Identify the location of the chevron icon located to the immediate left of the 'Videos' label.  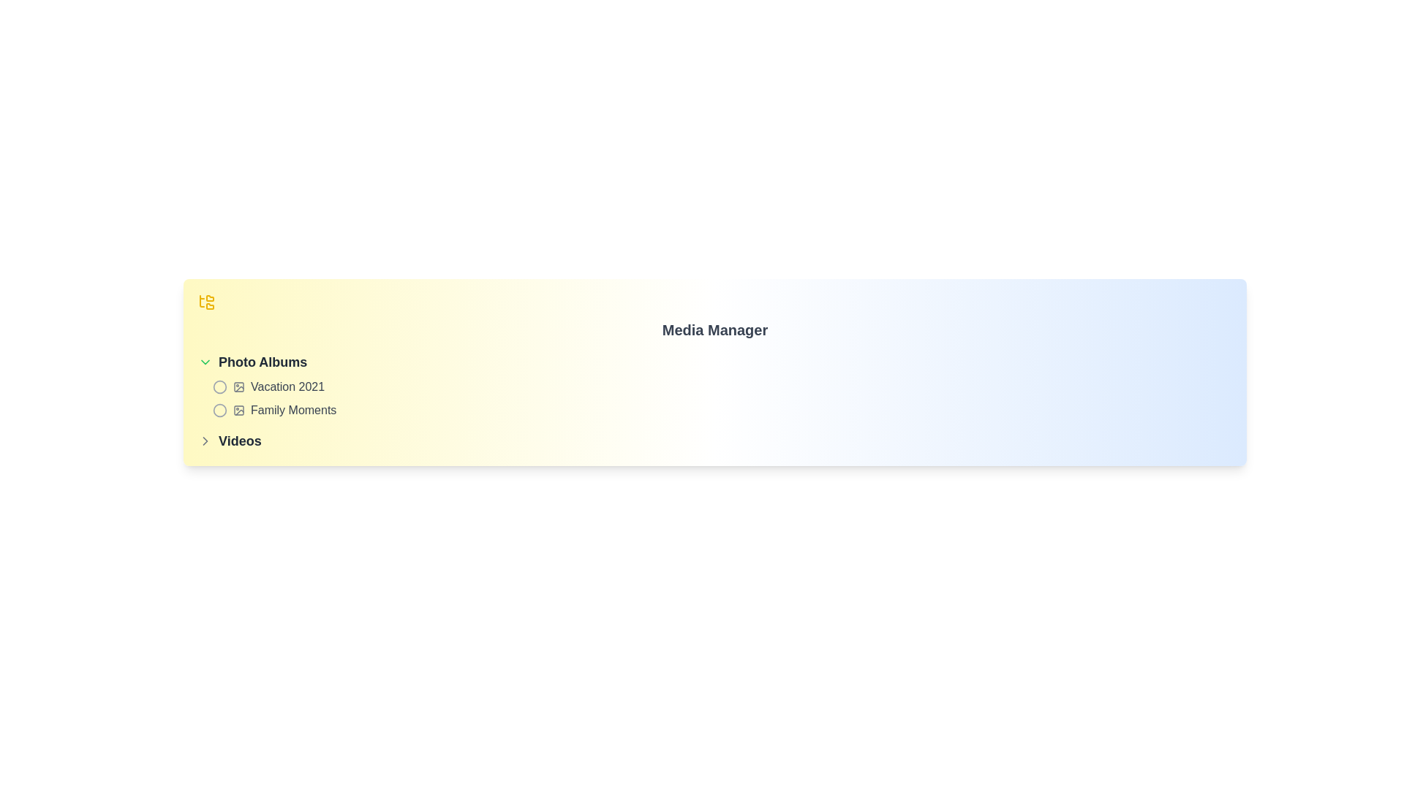
(205, 441).